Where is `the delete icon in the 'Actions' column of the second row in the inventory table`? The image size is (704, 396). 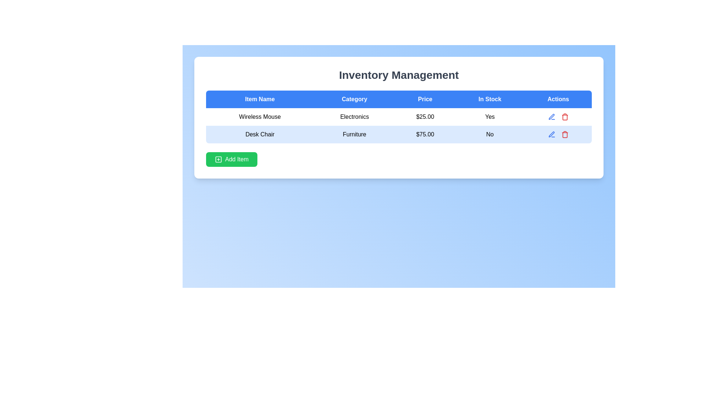
the delete icon in the 'Actions' column of the second row in the inventory table is located at coordinates (558, 134).